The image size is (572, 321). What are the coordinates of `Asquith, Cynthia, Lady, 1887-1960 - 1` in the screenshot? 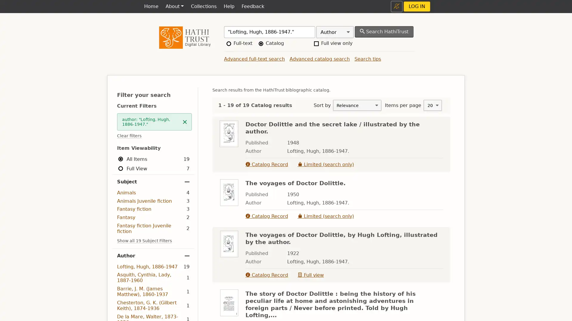 It's located at (153, 277).